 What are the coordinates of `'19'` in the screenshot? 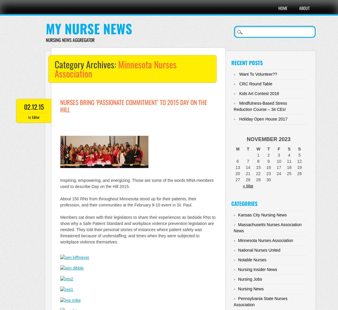 It's located at (299, 167).